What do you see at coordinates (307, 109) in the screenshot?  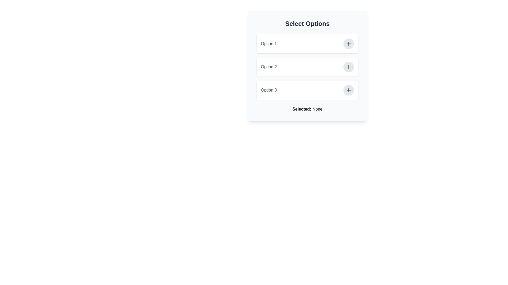 I see `the text label that displays 'Selected: None', which indicates the current selection status in the options selection interface` at bounding box center [307, 109].